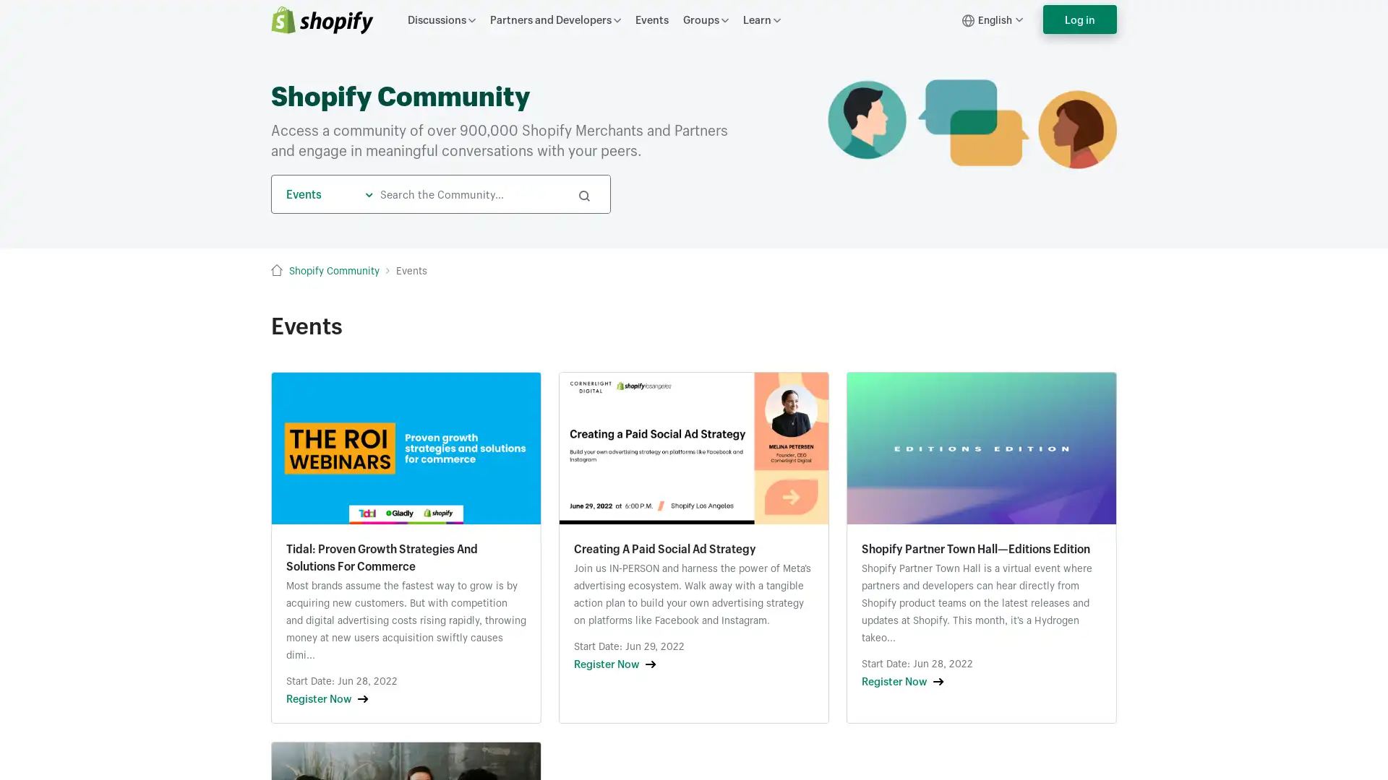  Describe the element at coordinates (693, 448) in the screenshot. I see `Growth Lab Khoros Assets (9).png` at that location.